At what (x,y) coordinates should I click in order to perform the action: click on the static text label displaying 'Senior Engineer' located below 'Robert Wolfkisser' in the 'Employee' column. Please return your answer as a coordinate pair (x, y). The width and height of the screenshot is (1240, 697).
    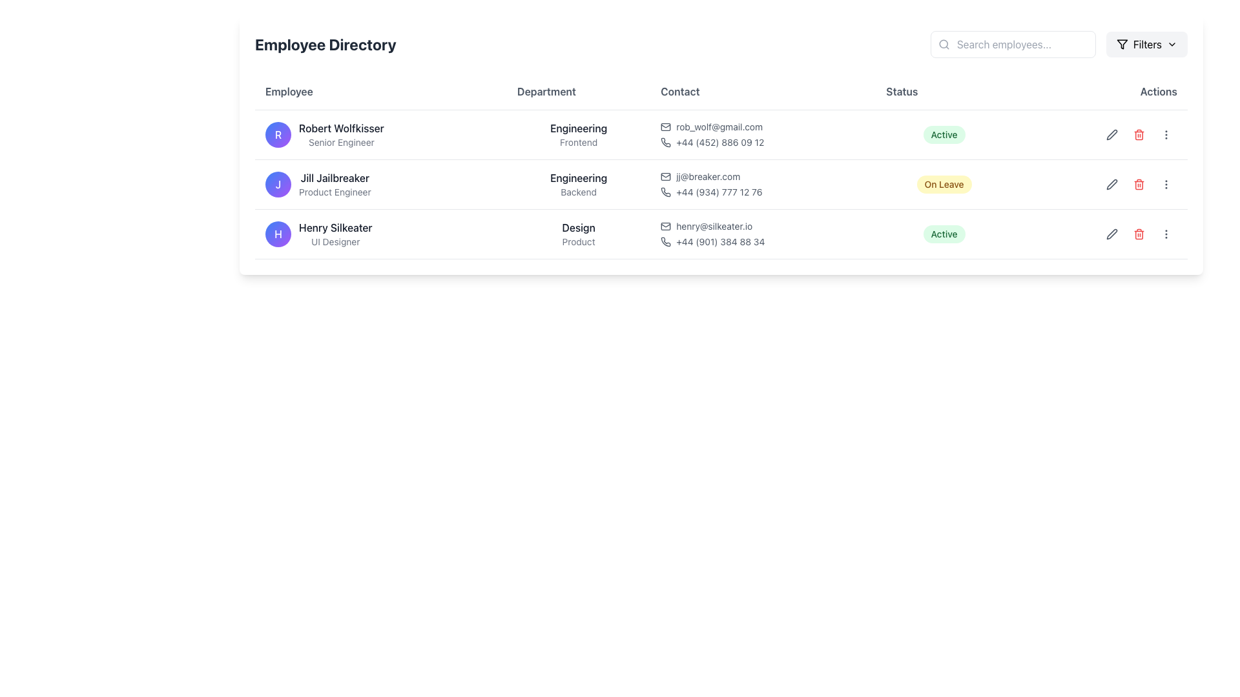
    Looking at the image, I should click on (341, 142).